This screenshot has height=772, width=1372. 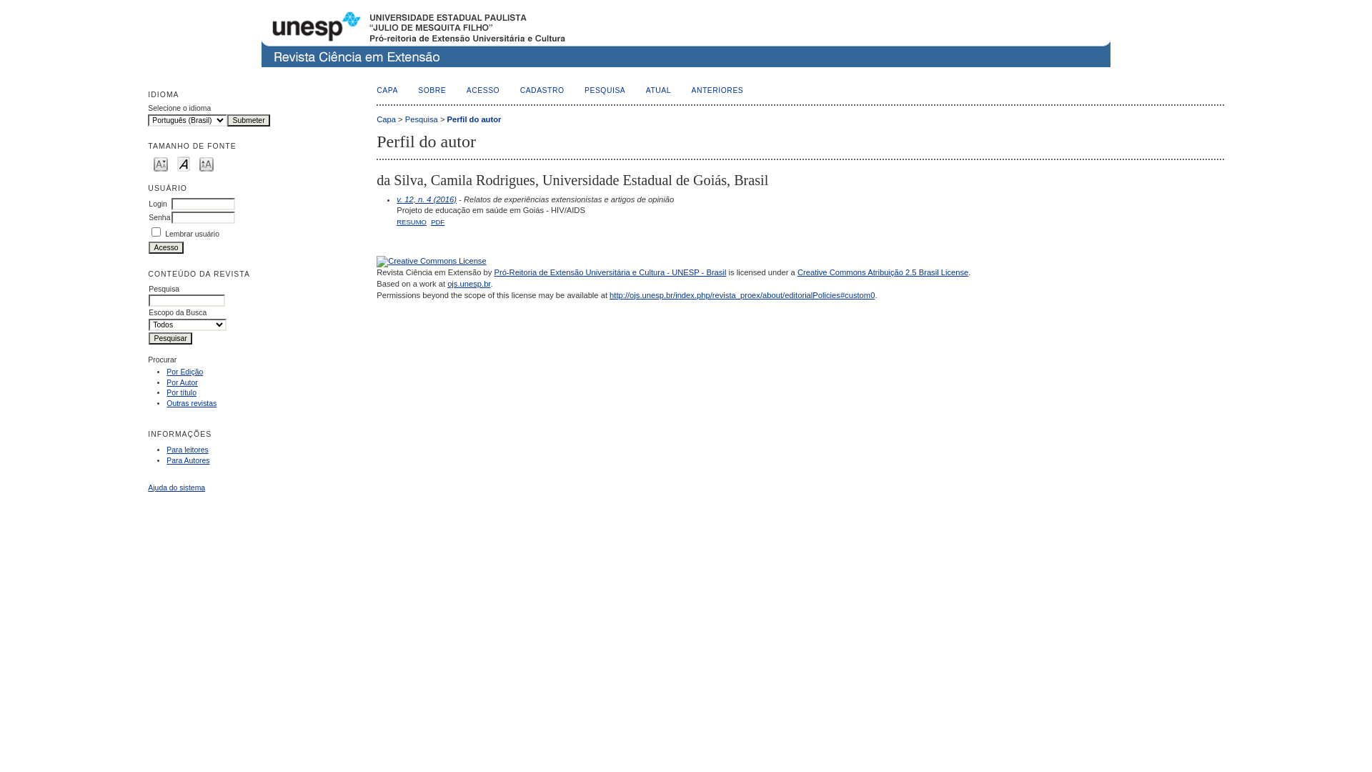 I want to click on 'Ajuda do sistema', so click(x=175, y=487).